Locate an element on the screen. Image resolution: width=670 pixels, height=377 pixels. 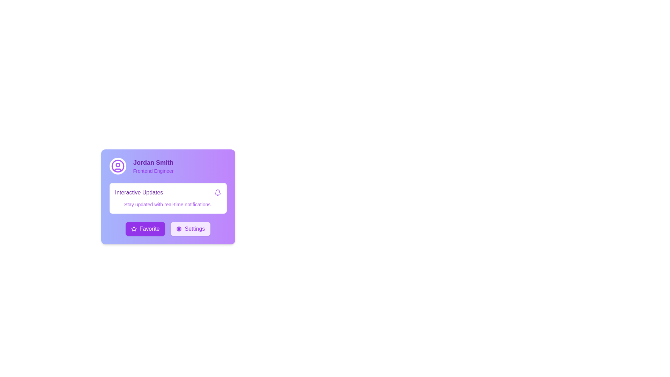
the static text label displaying 'Frontend Engineer', which is styled in purple and positioned below 'Jordan Smith' on a gradient purple card is located at coordinates (153, 171).